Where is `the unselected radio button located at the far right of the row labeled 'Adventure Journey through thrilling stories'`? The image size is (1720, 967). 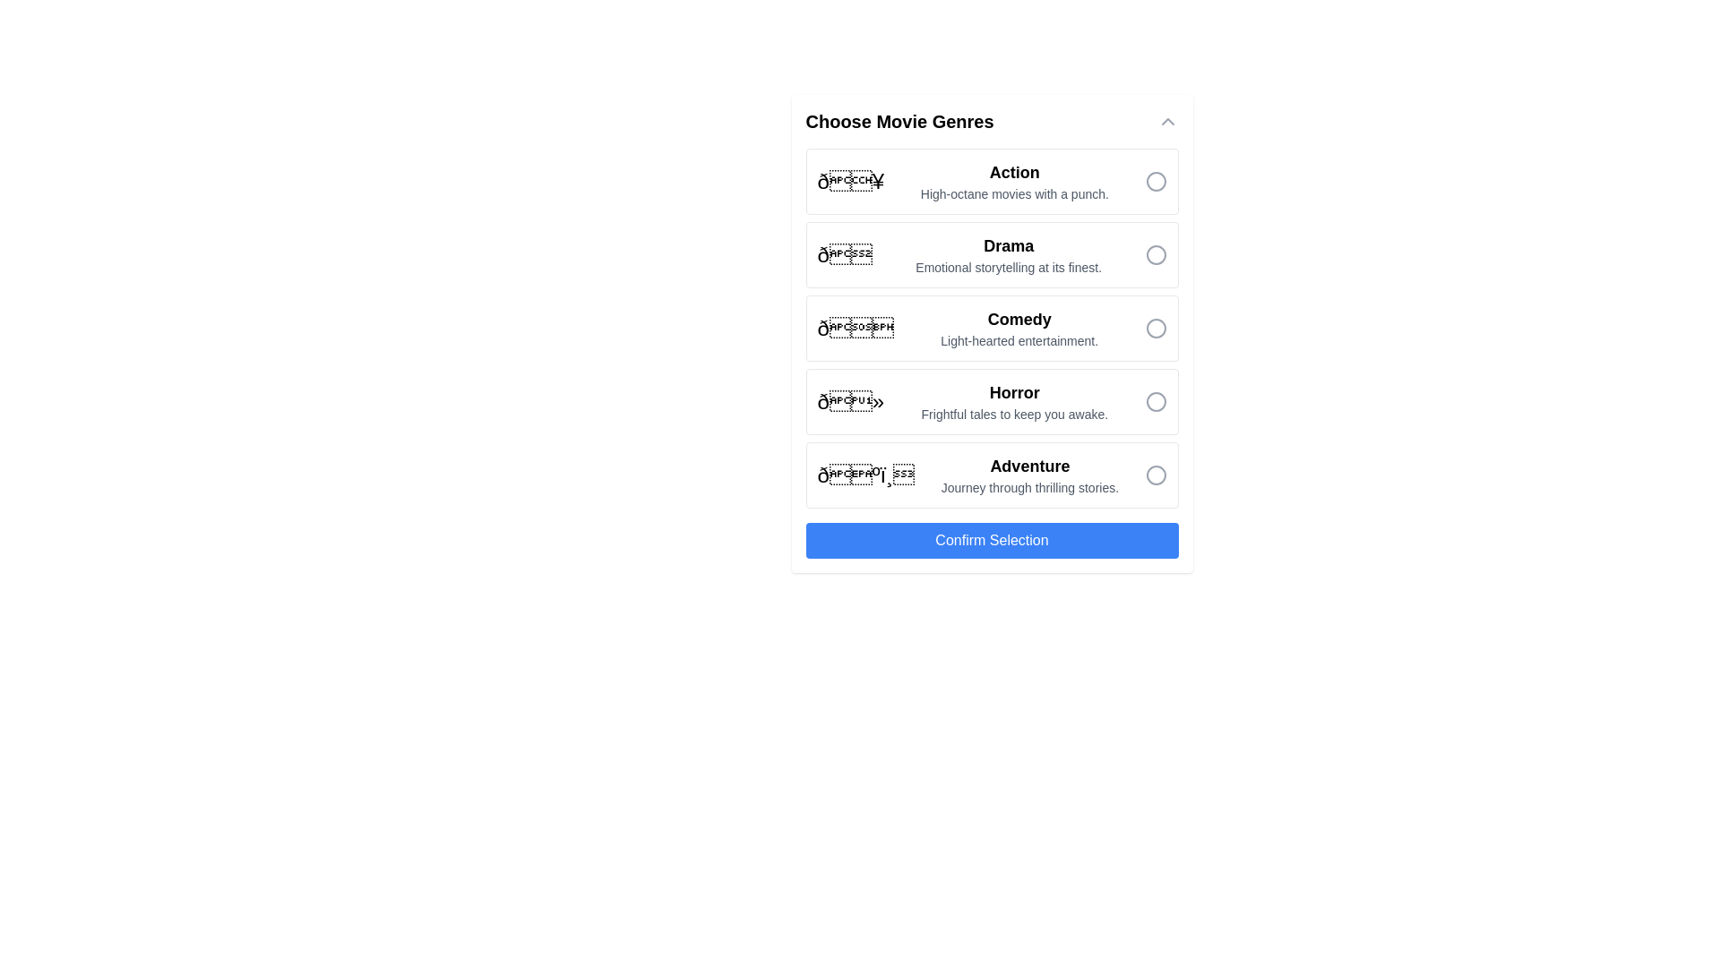 the unselected radio button located at the far right of the row labeled 'Adventure Journey through thrilling stories' is located at coordinates (1156, 475).